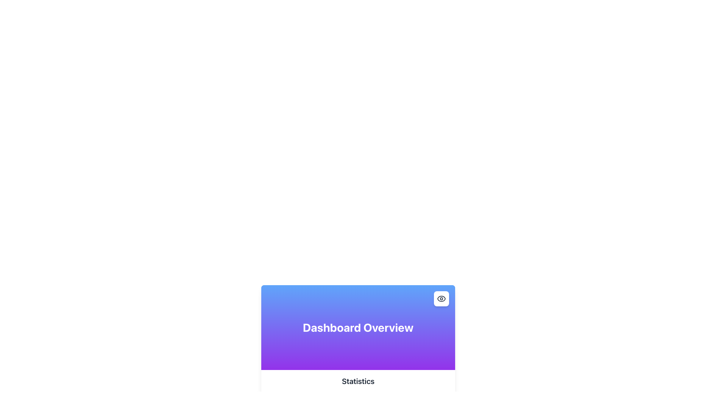 This screenshot has height=409, width=727. I want to click on the eye icon located in the top-right corner of the Dashboard Overview card, so click(442, 298).